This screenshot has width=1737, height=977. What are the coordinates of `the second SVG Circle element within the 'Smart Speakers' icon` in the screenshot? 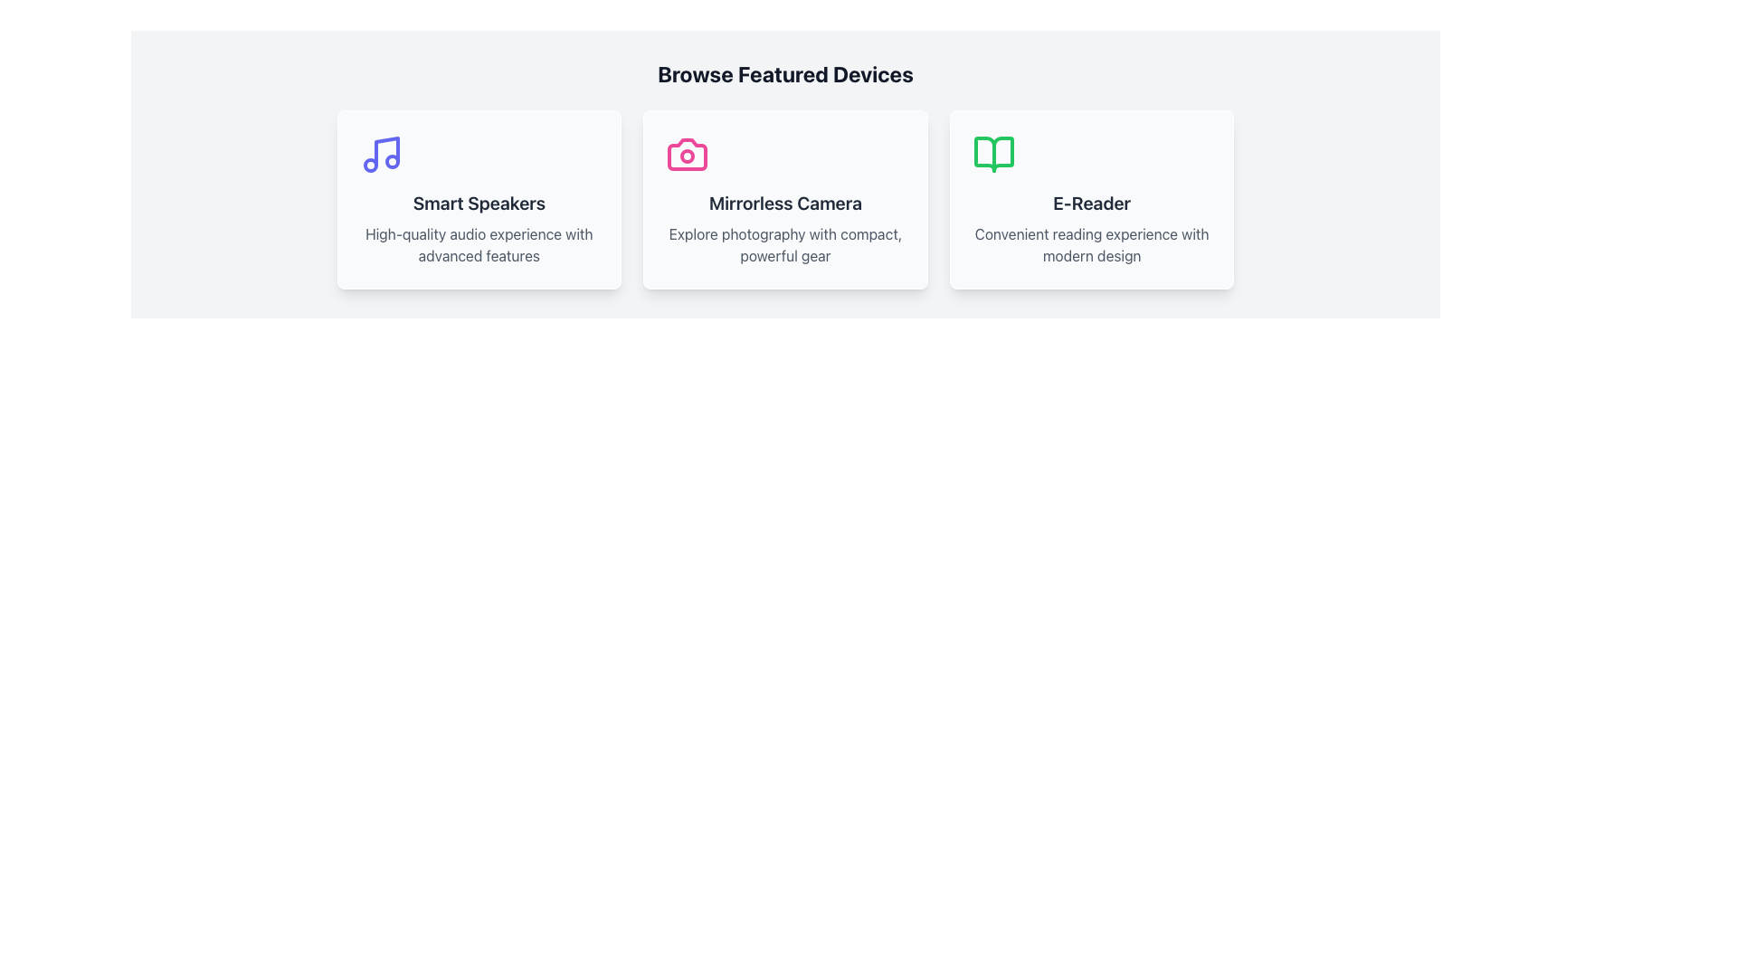 It's located at (369, 165).